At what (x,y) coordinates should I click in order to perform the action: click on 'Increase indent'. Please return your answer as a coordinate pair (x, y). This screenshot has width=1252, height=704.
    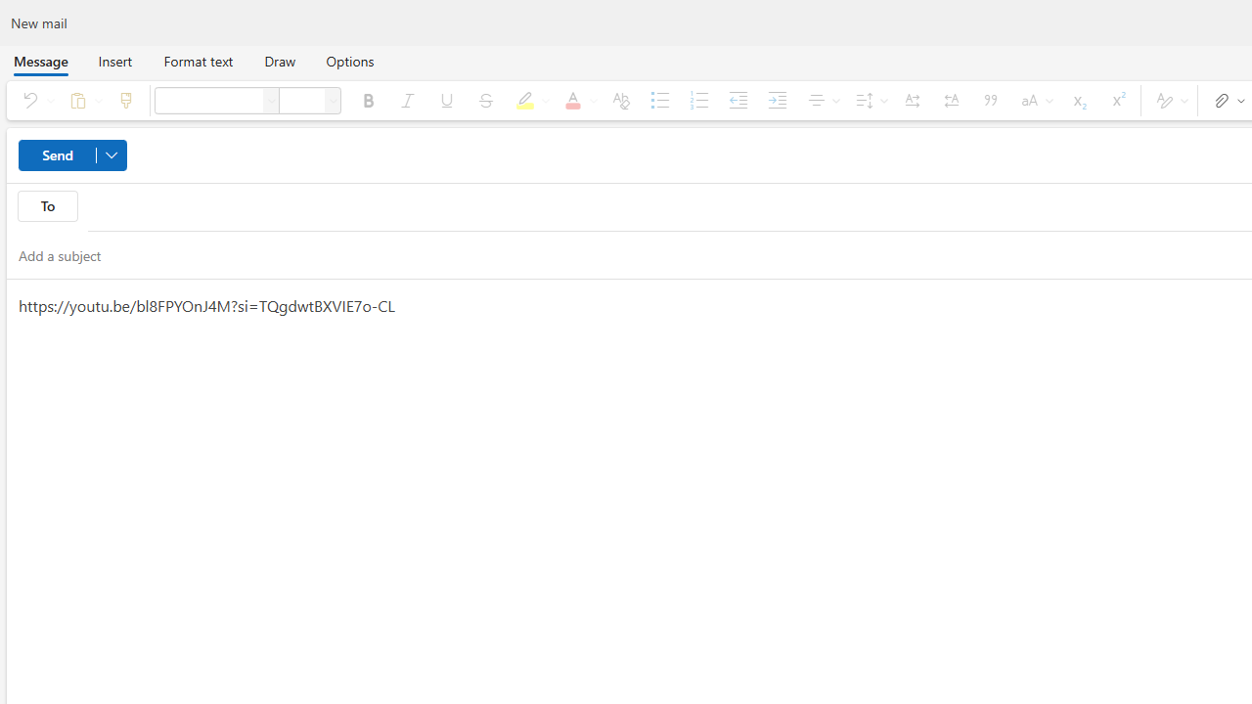
    Looking at the image, I should click on (776, 100).